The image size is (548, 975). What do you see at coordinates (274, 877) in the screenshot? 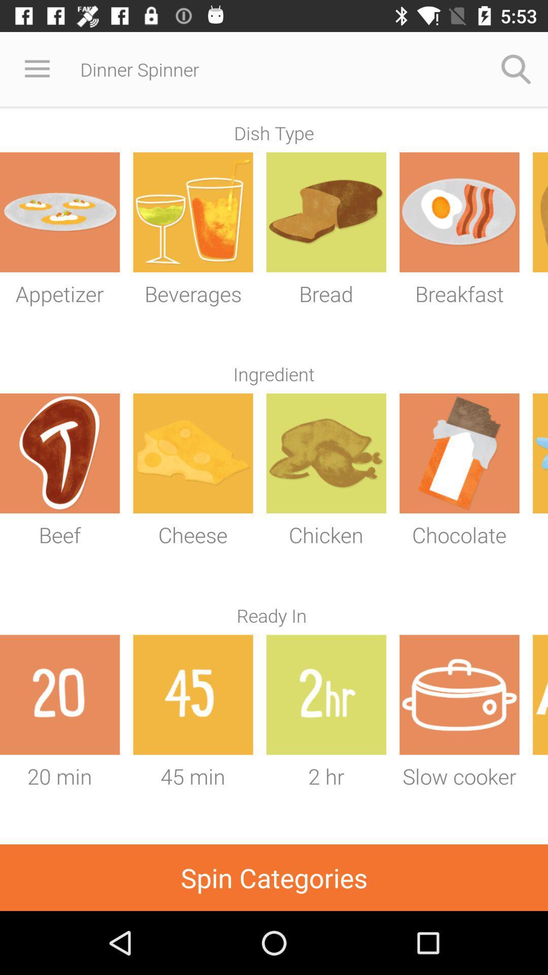
I see `spin categories item` at bounding box center [274, 877].